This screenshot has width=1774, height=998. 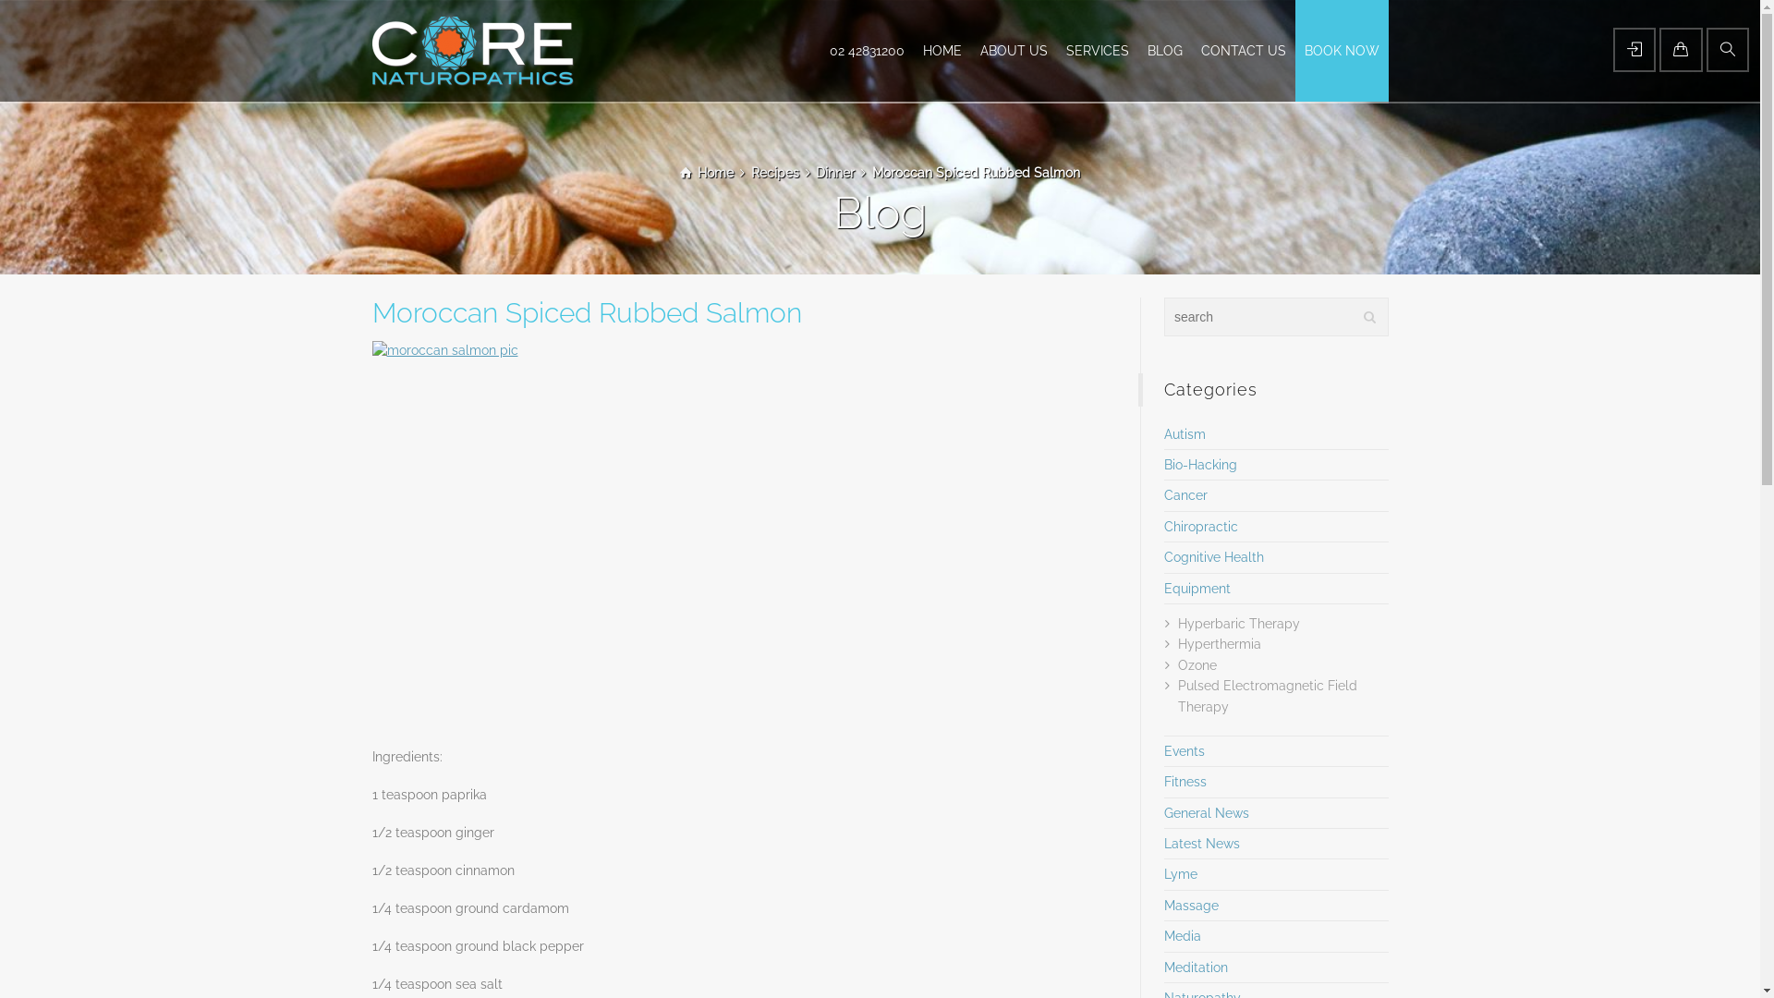 I want to click on 'Hyperbaric Therapy', so click(x=1177, y=624).